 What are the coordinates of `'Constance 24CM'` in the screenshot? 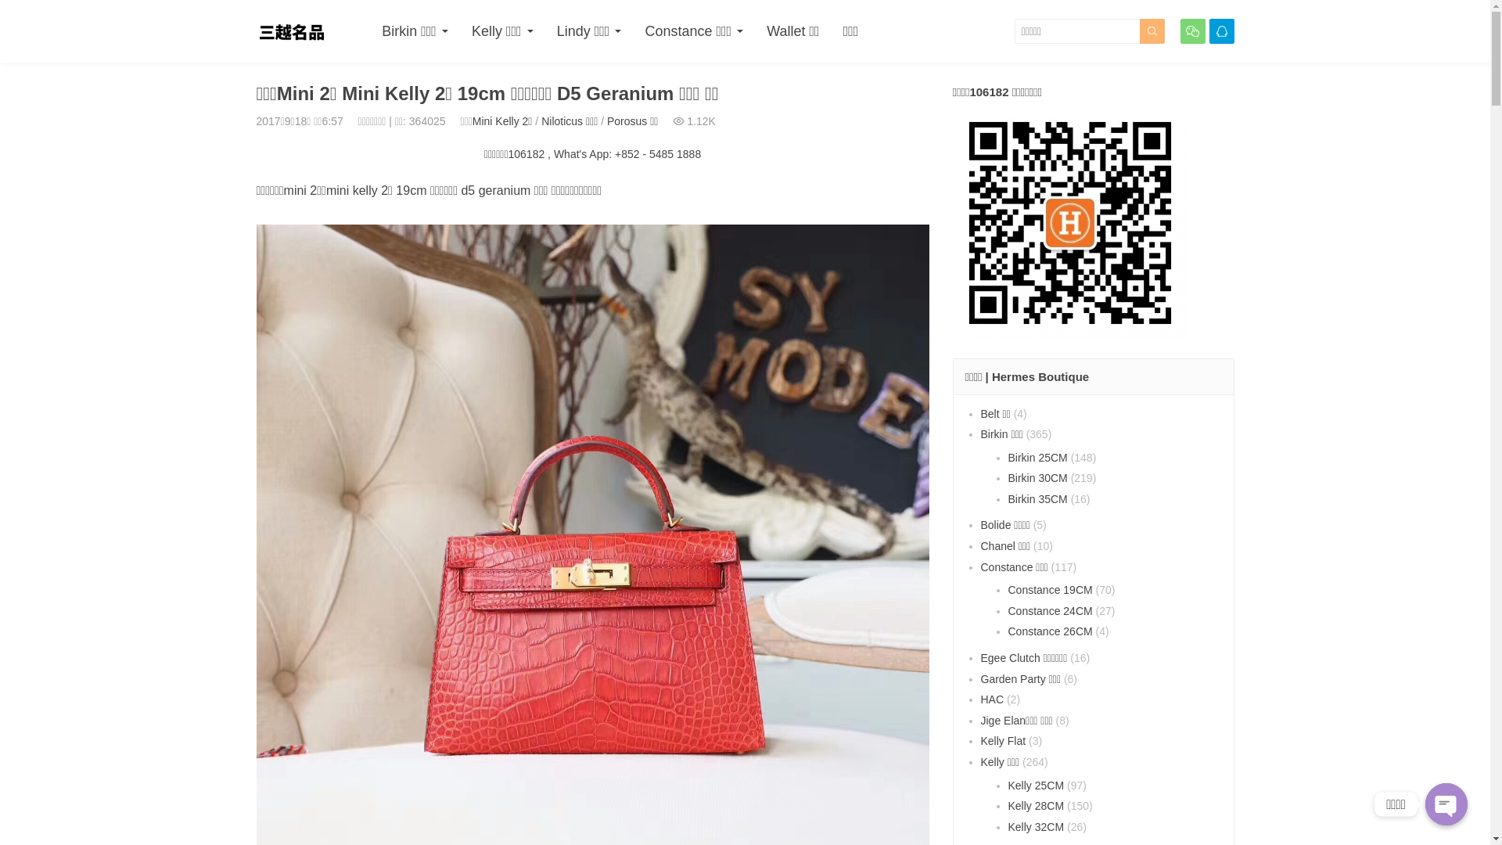 It's located at (1050, 609).